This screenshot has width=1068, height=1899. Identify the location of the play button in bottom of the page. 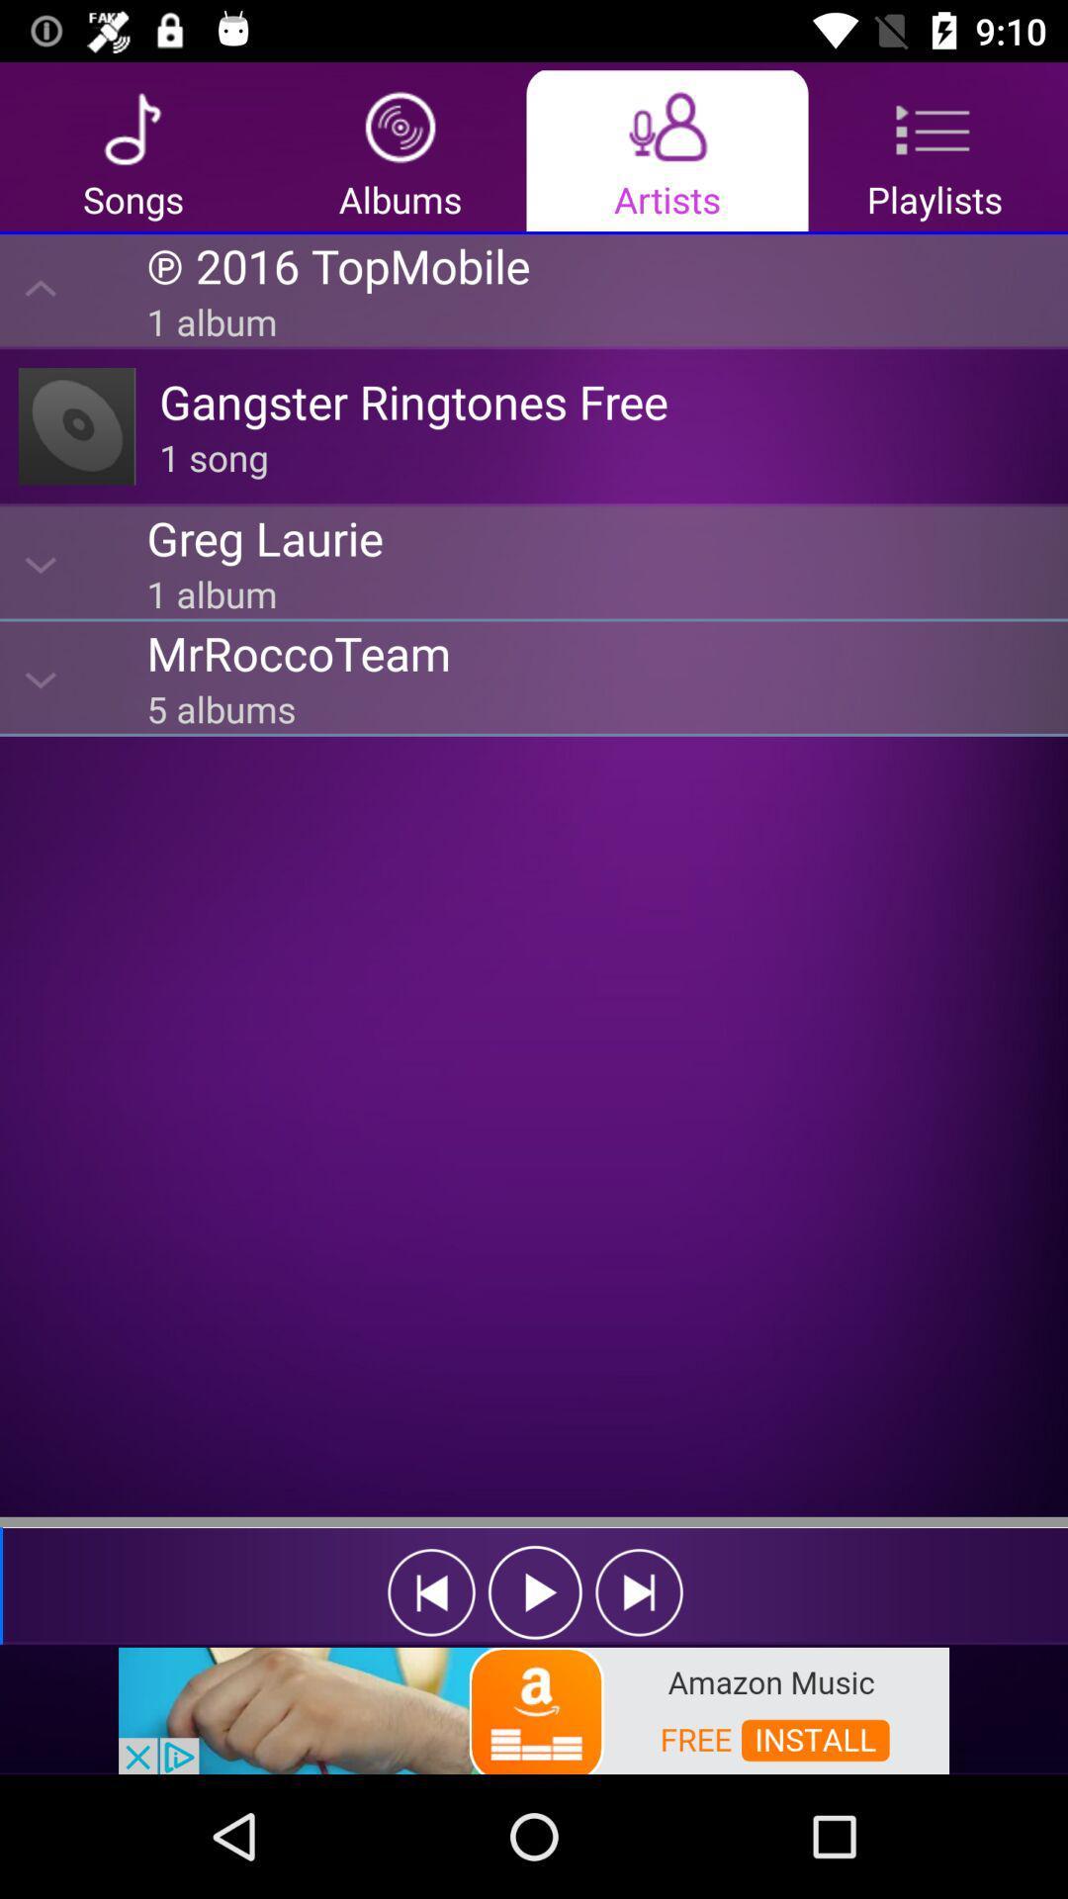
(535, 1592).